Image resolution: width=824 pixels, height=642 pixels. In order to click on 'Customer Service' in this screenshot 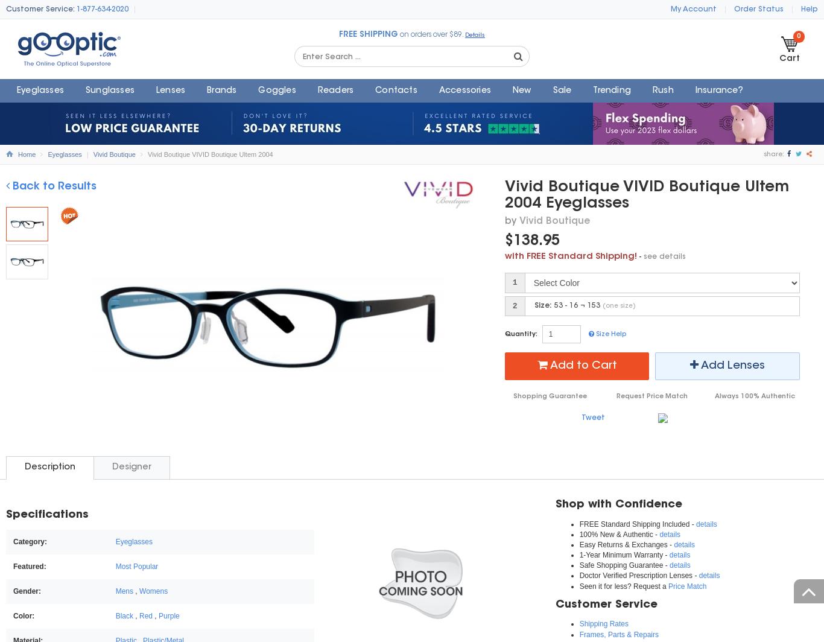, I will do `click(555, 604)`.